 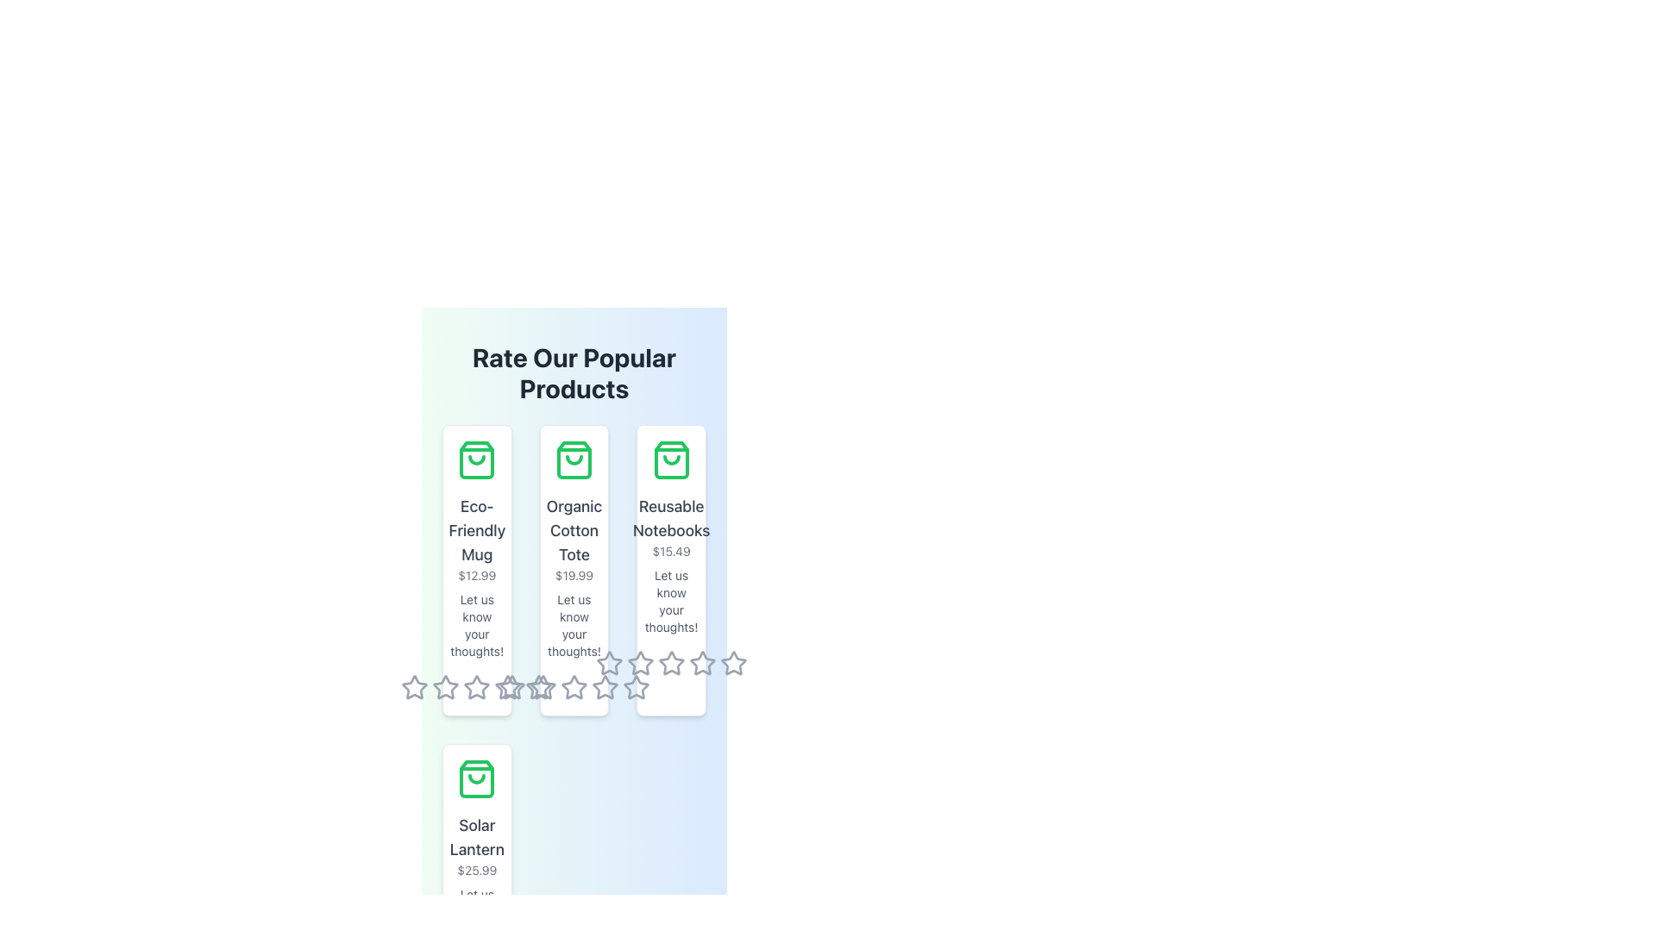 What do you see at coordinates (477, 686) in the screenshot?
I see `the second star icon in the rating system below the 'Eco-Friendly Mug' product card` at bounding box center [477, 686].